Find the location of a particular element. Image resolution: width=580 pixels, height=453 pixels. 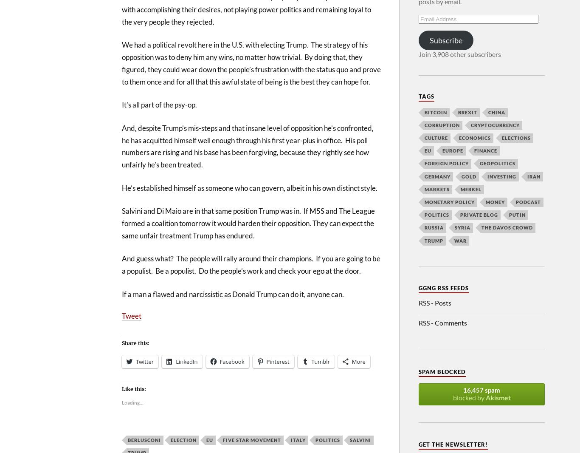

'Facebook' is located at coordinates (231, 361).